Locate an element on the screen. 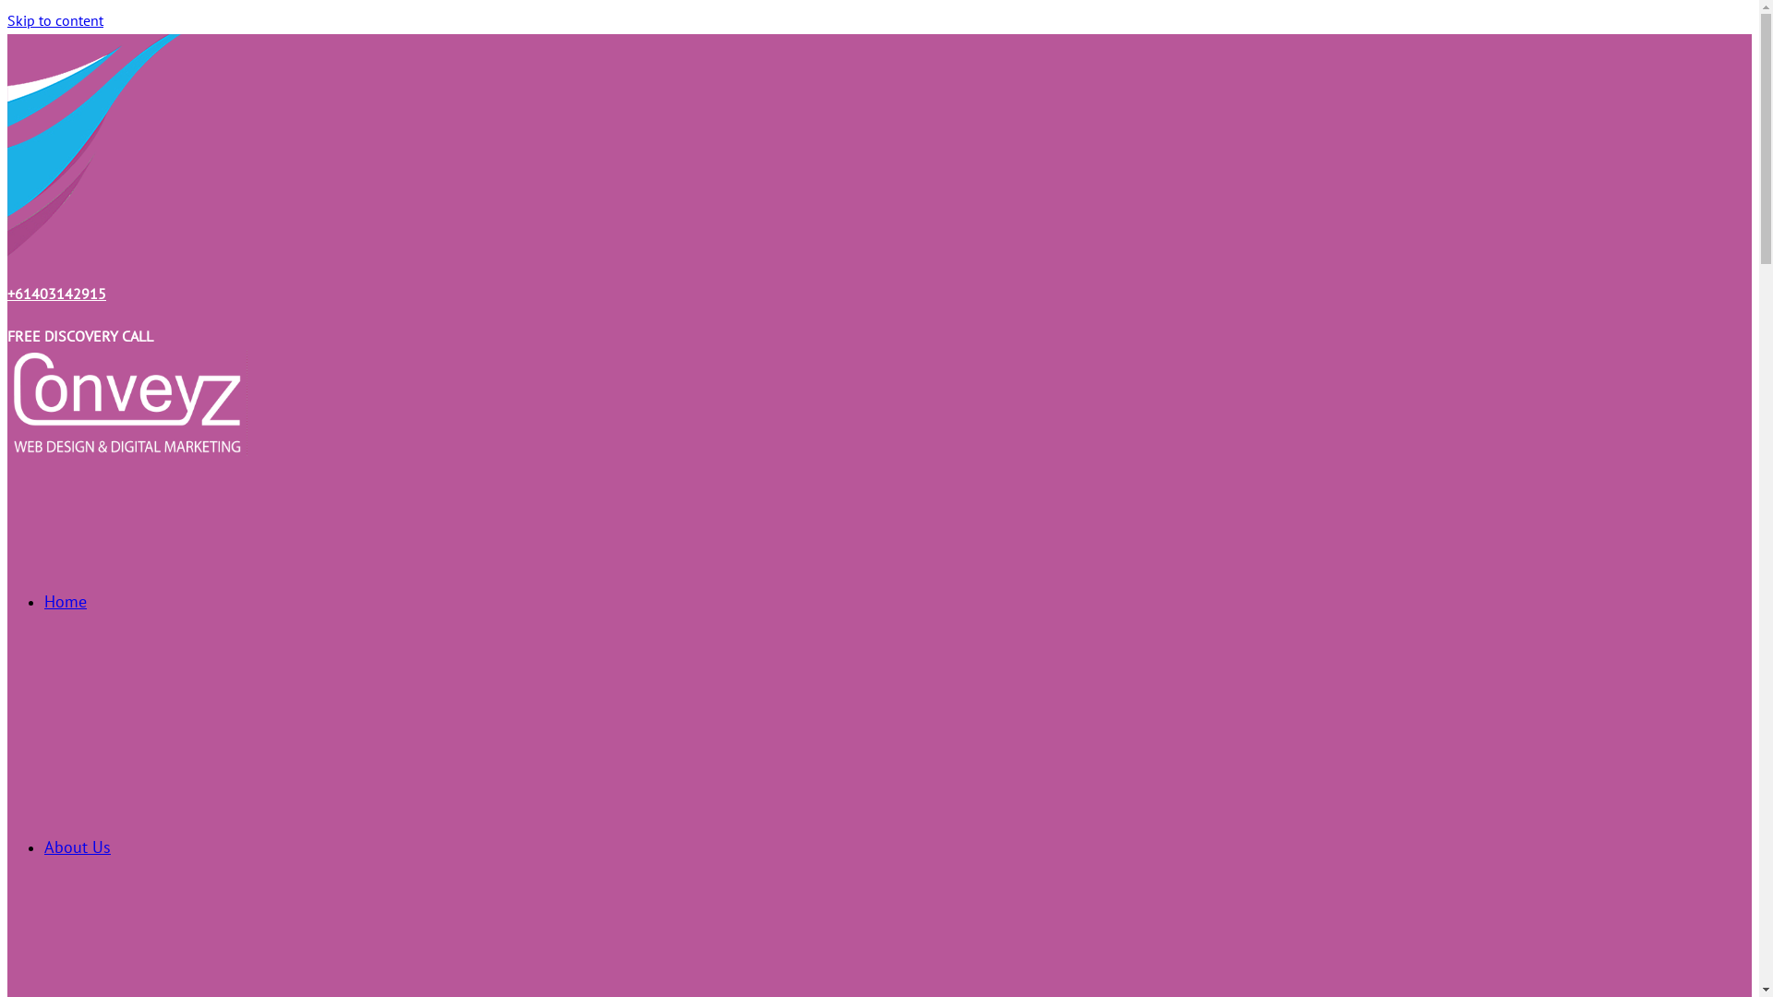 The image size is (1773, 997). '+61403142915' is located at coordinates (56, 292).